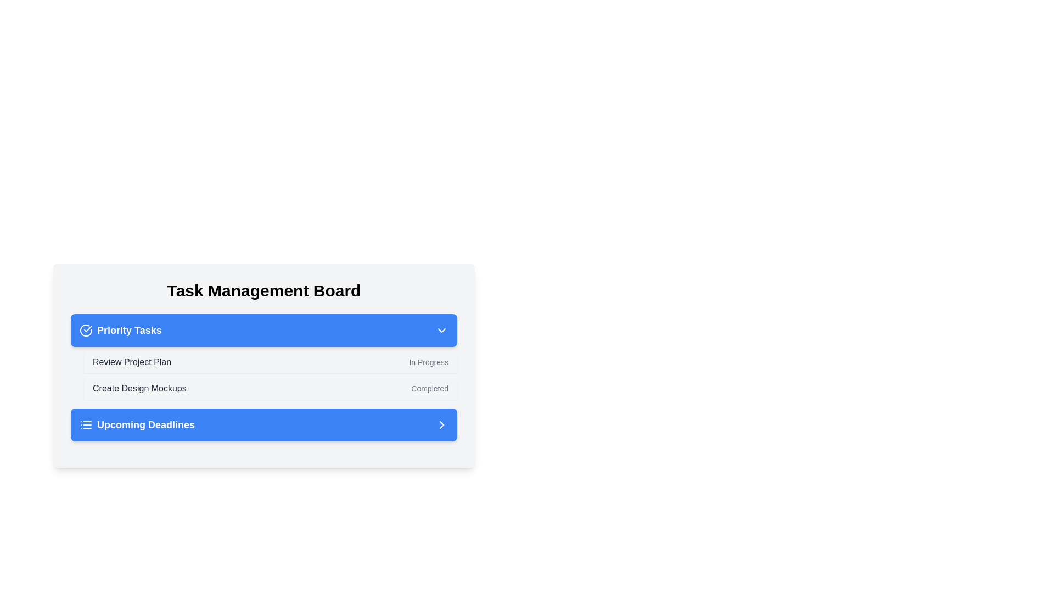 This screenshot has height=593, width=1054. What do you see at coordinates (145, 424) in the screenshot?
I see `text content of the 'Upcoming Deadlines' label located at the bottom of the 'Task Management Board' interface, positioned between a list icon and an arrow icon` at bounding box center [145, 424].